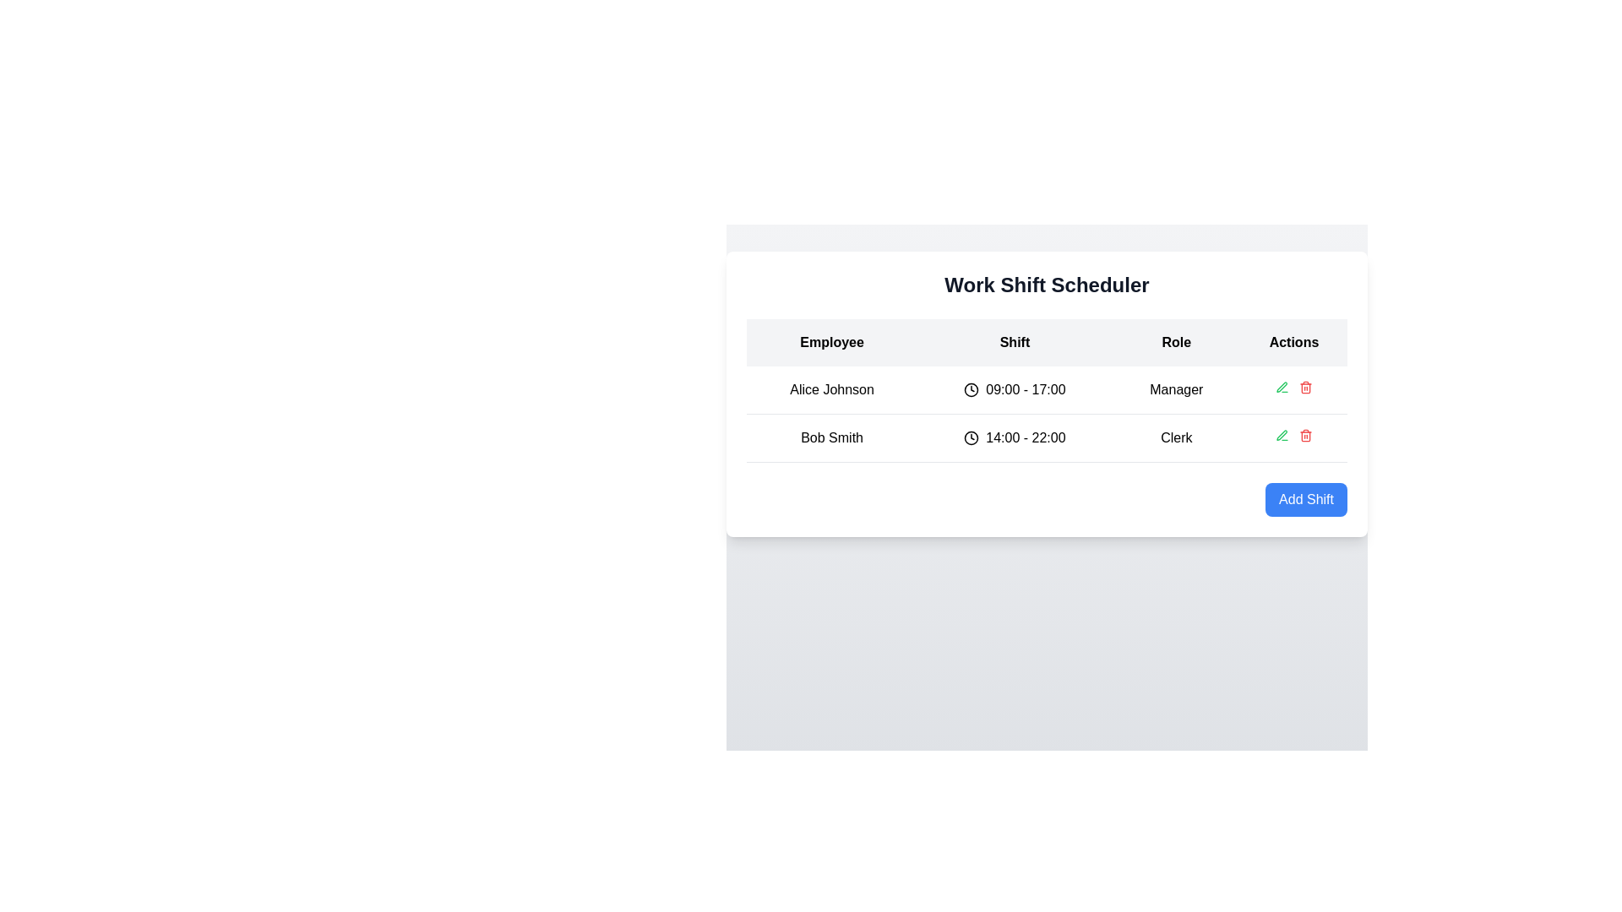  Describe the element at coordinates (1046, 390) in the screenshot. I see `individual cells or icons in the table that displays work shifts for employees, located below the 'Work Shift Scheduler' title` at that location.